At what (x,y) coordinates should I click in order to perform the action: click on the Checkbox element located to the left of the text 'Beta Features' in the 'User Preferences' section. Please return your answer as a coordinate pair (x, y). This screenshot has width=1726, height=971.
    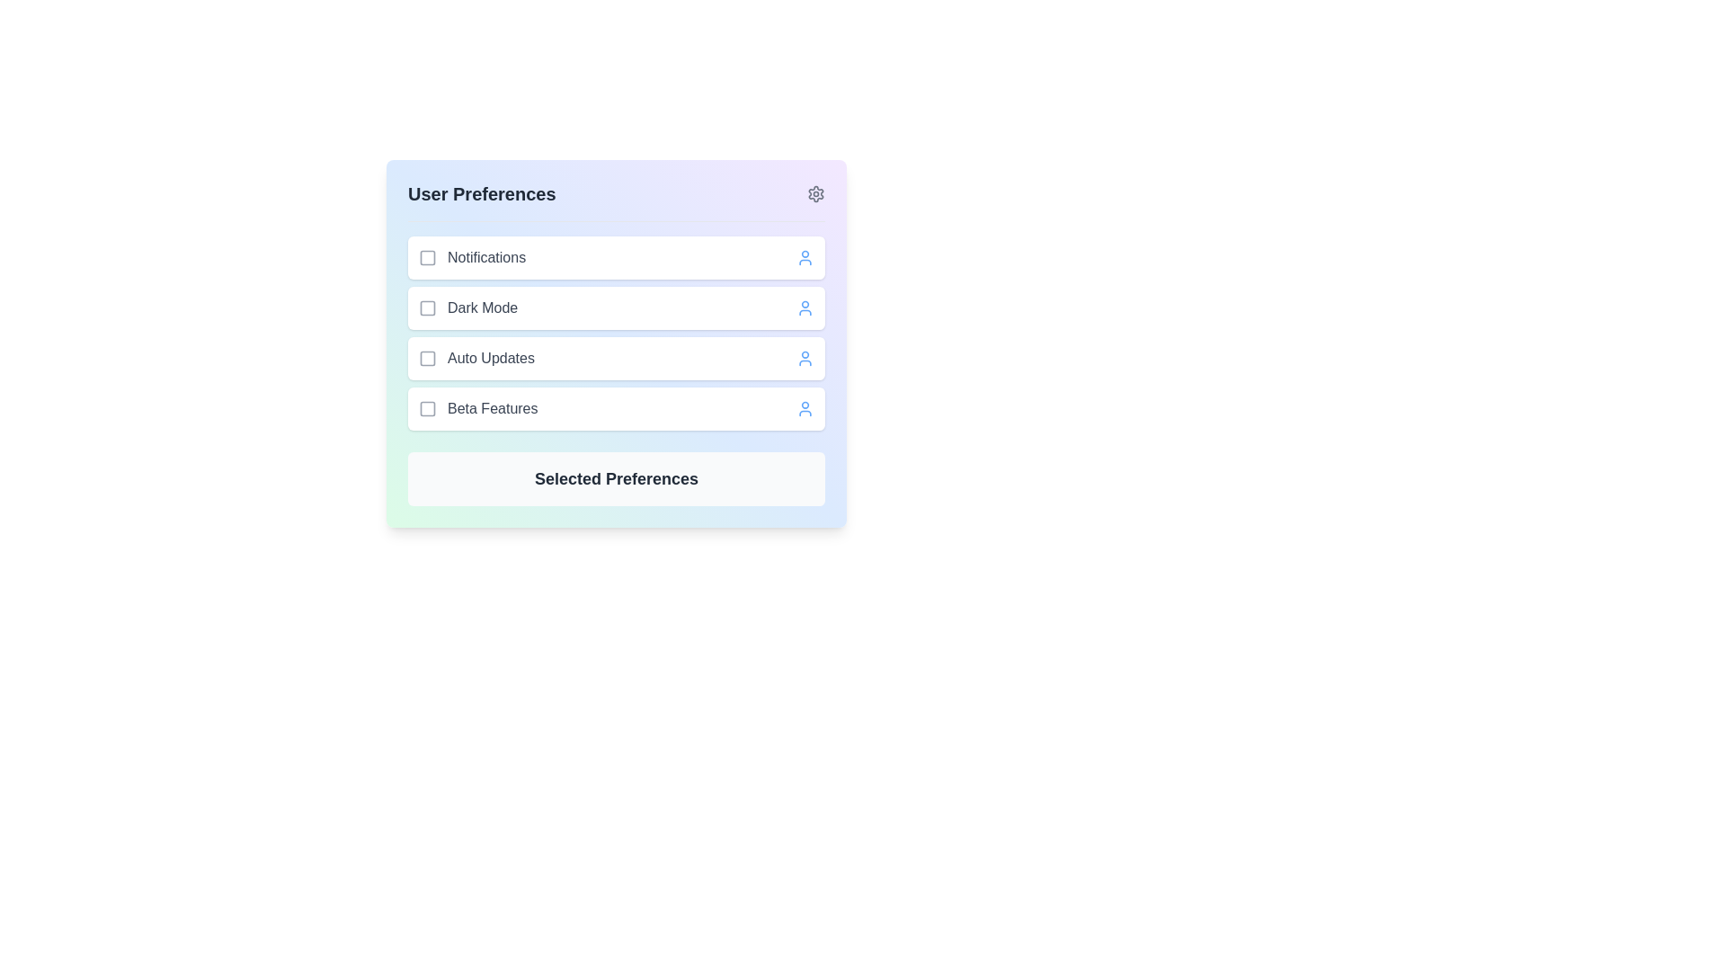
    Looking at the image, I should click on (426, 409).